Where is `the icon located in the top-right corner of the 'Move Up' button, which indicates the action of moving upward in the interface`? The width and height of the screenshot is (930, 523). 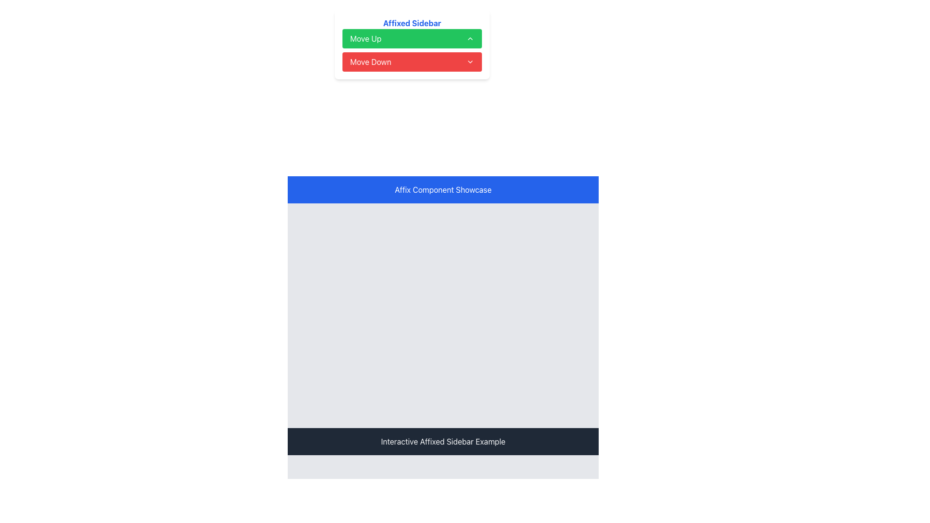
the icon located in the top-right corner of the 'Move Up' button, which indicates the action of moving upward in the interface is located at coordinates (470, 38).